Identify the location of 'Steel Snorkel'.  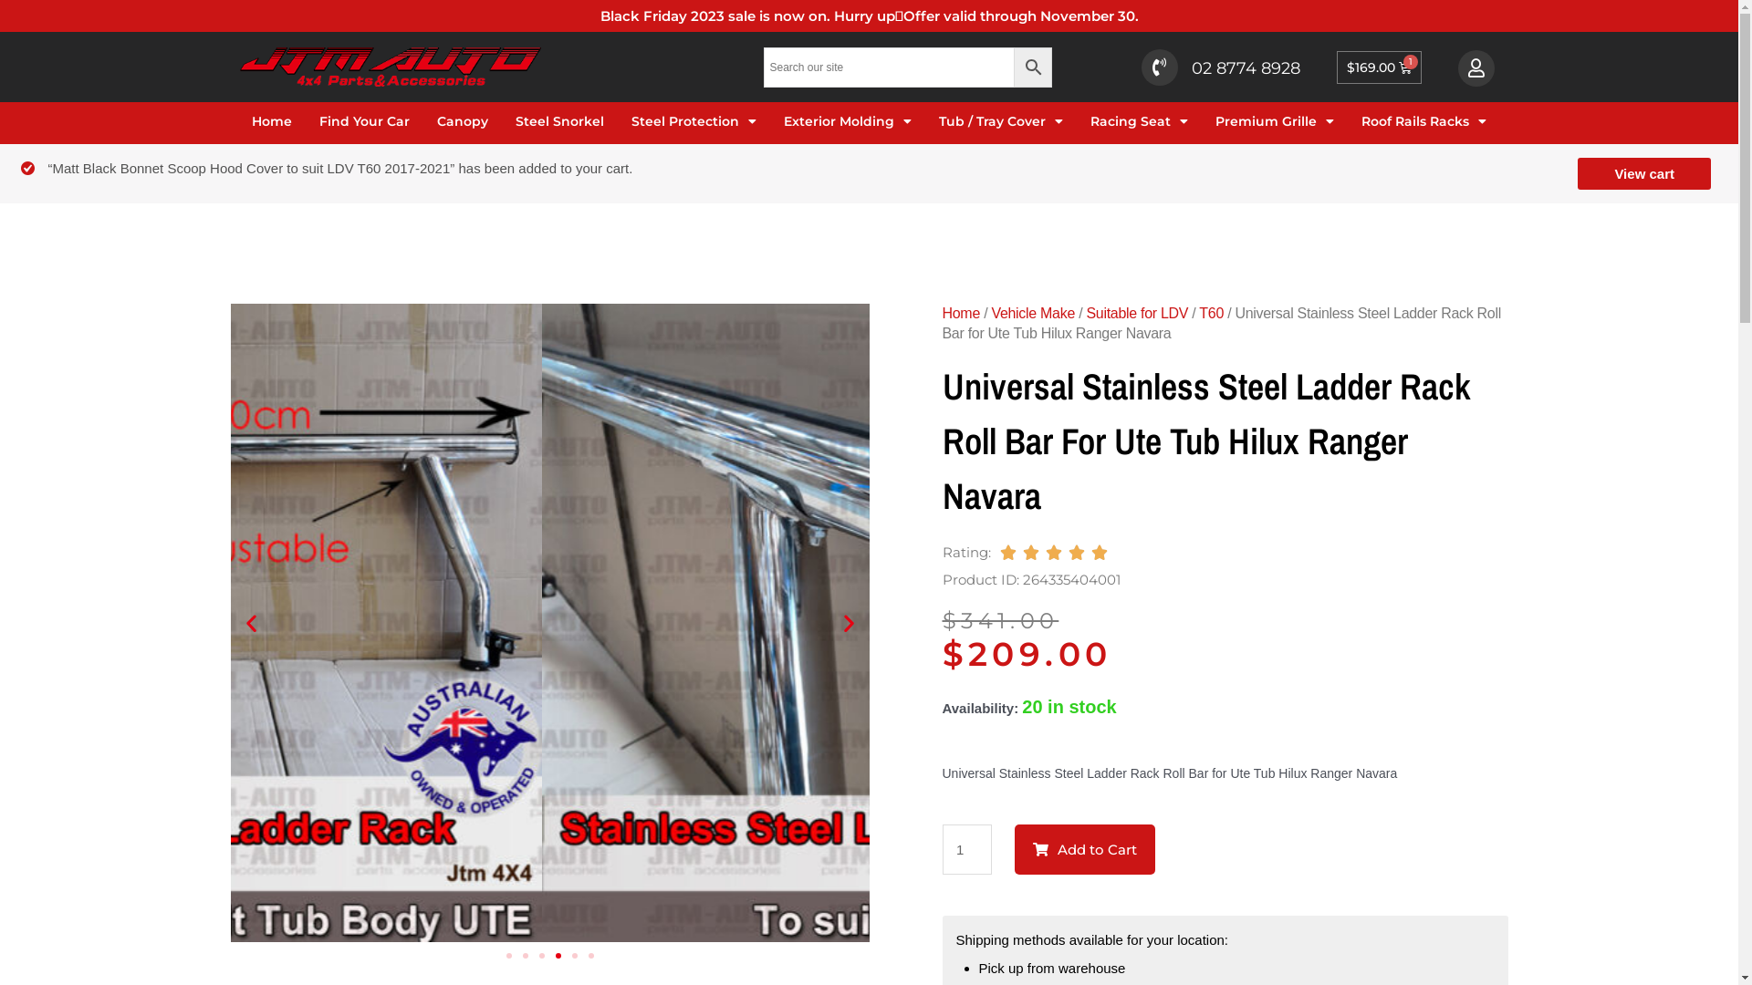
(558, 121).